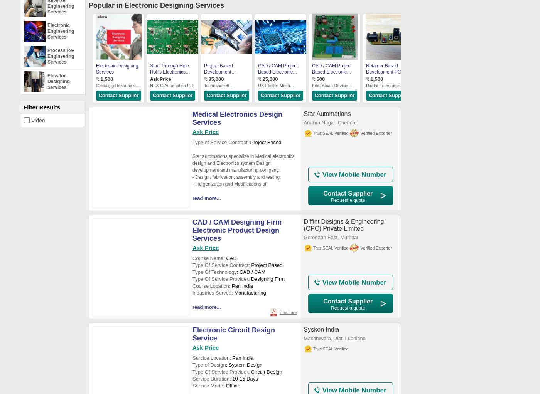  I want to click on 'Elevator Designing Services', so click(59, 81).